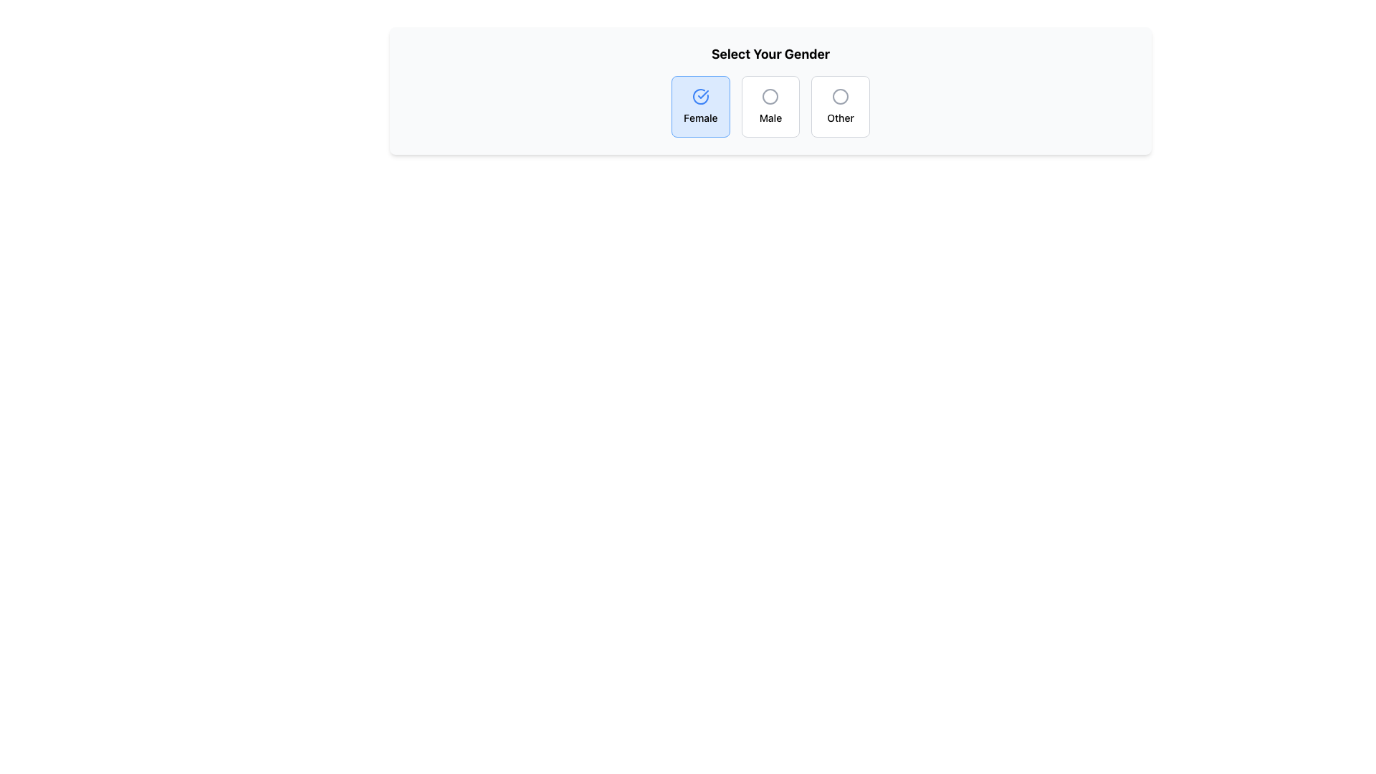 This screenshot has width=1376, height=774. Describe the element at coordinates (703, 94) in the screenshot. I see `the visual state of the 'Female' selection icon, which is a circular SVG icon indicating that the 'Female' option is currently selected in the gender selection interface` at that location.